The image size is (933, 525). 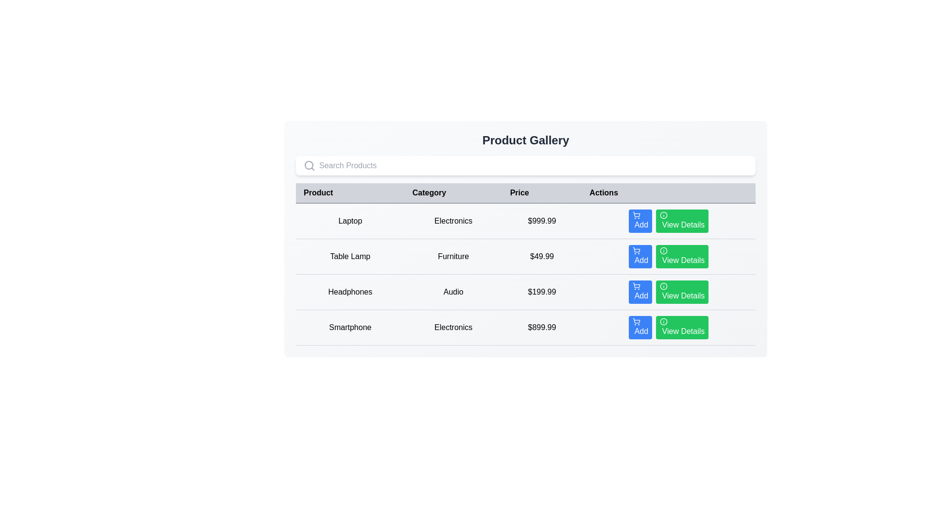 What do you see at coordinates (640, 328) in the screenshot?
I see `the 'Add' button with a rounded blue background and white text, which is located in the 'Actions' column of the last row for the 'Smartphone' product` at bounding box center [640, 328].